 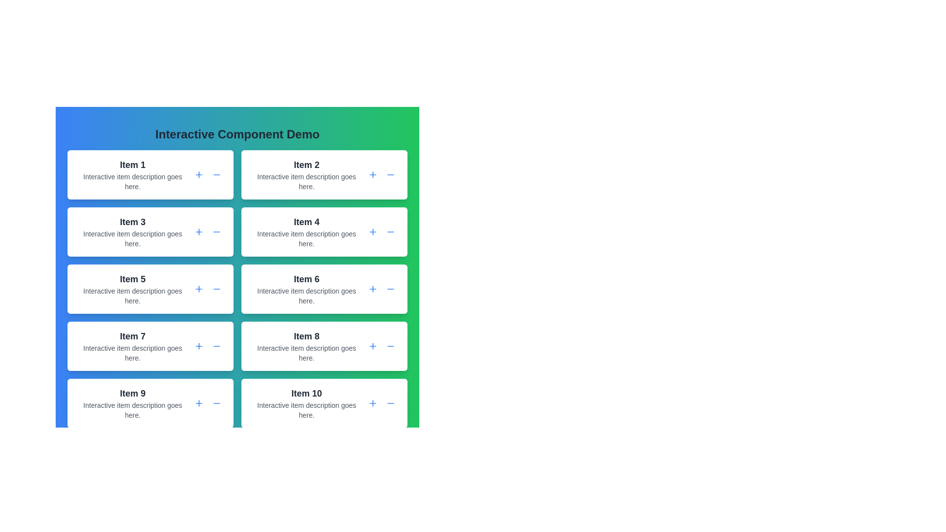 What do you see at coordinates (372, 403) in the screenshot?
I see `the button to increase the value related to 'Item 10', located to the right of its title and next to the minus icon` at bounding box center [372, 403].